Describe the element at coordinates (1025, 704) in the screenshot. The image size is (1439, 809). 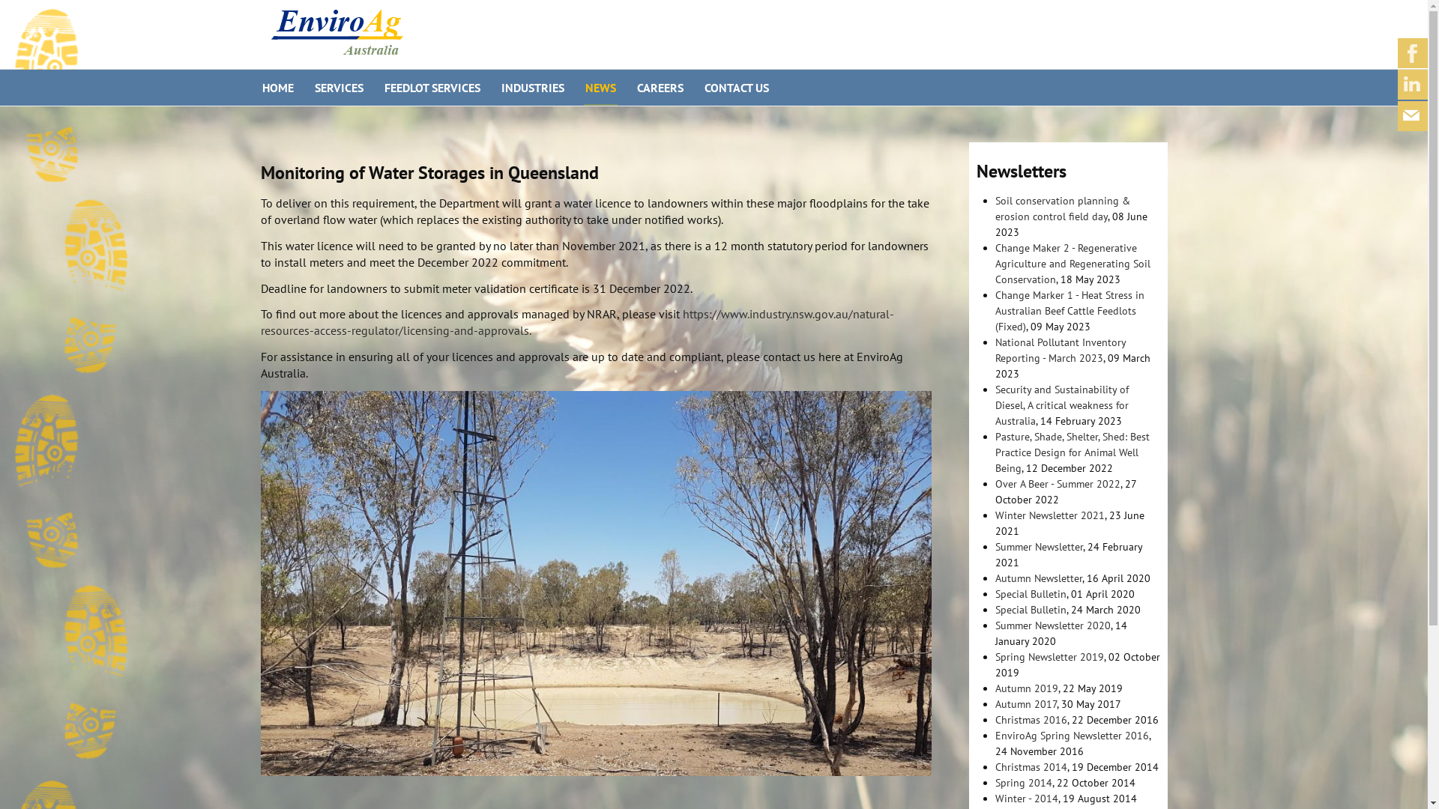
I see `'Autumn 2017'` at that location.